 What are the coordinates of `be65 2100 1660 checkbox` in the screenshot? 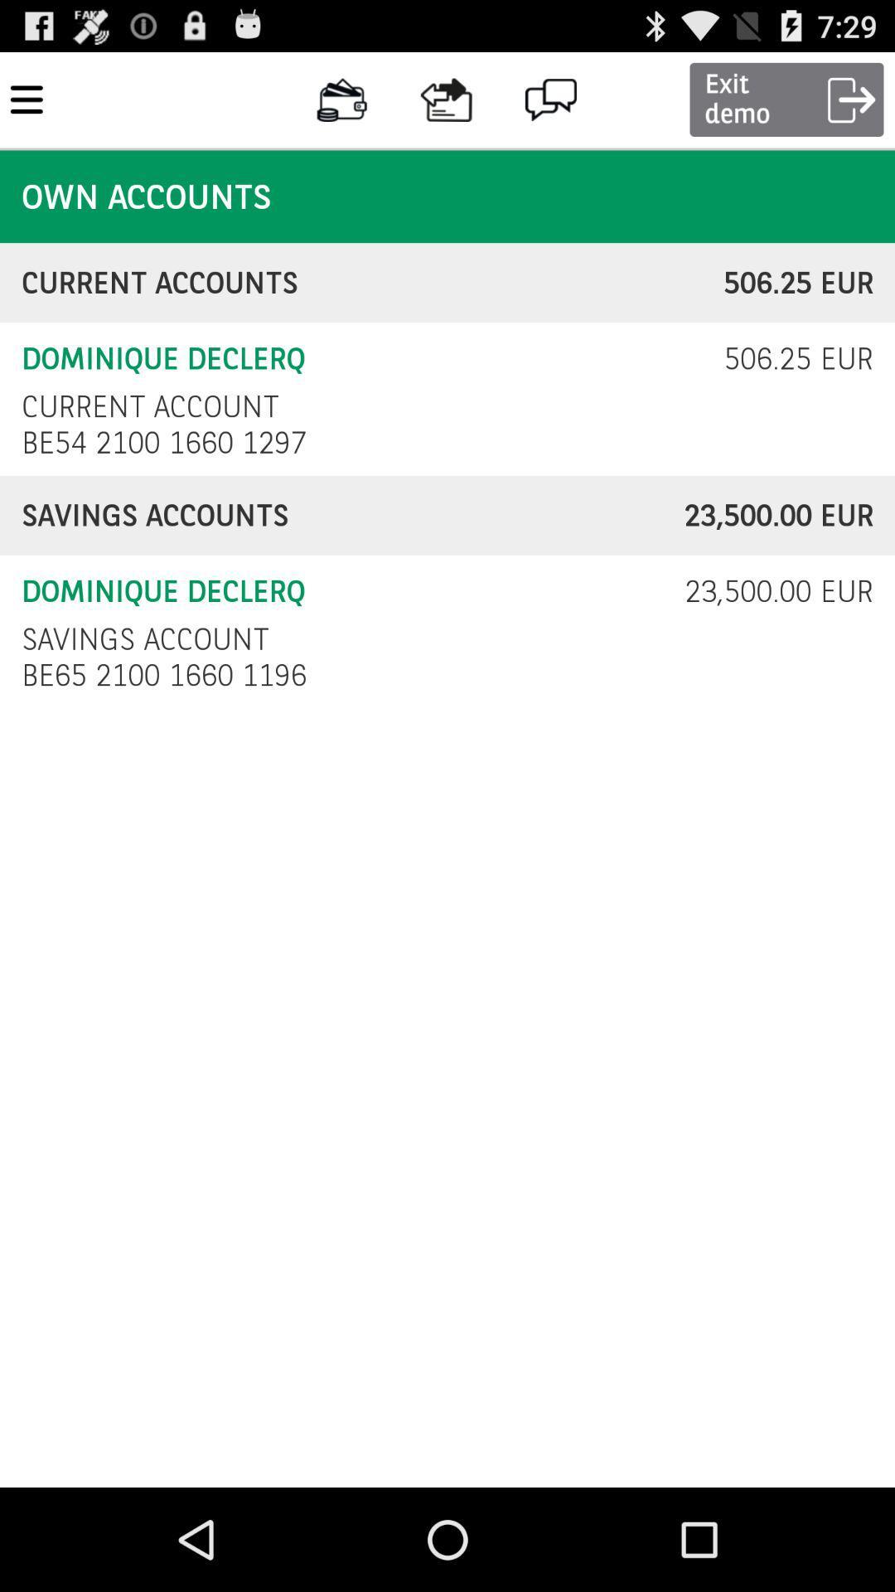 It's located at (168, 675).